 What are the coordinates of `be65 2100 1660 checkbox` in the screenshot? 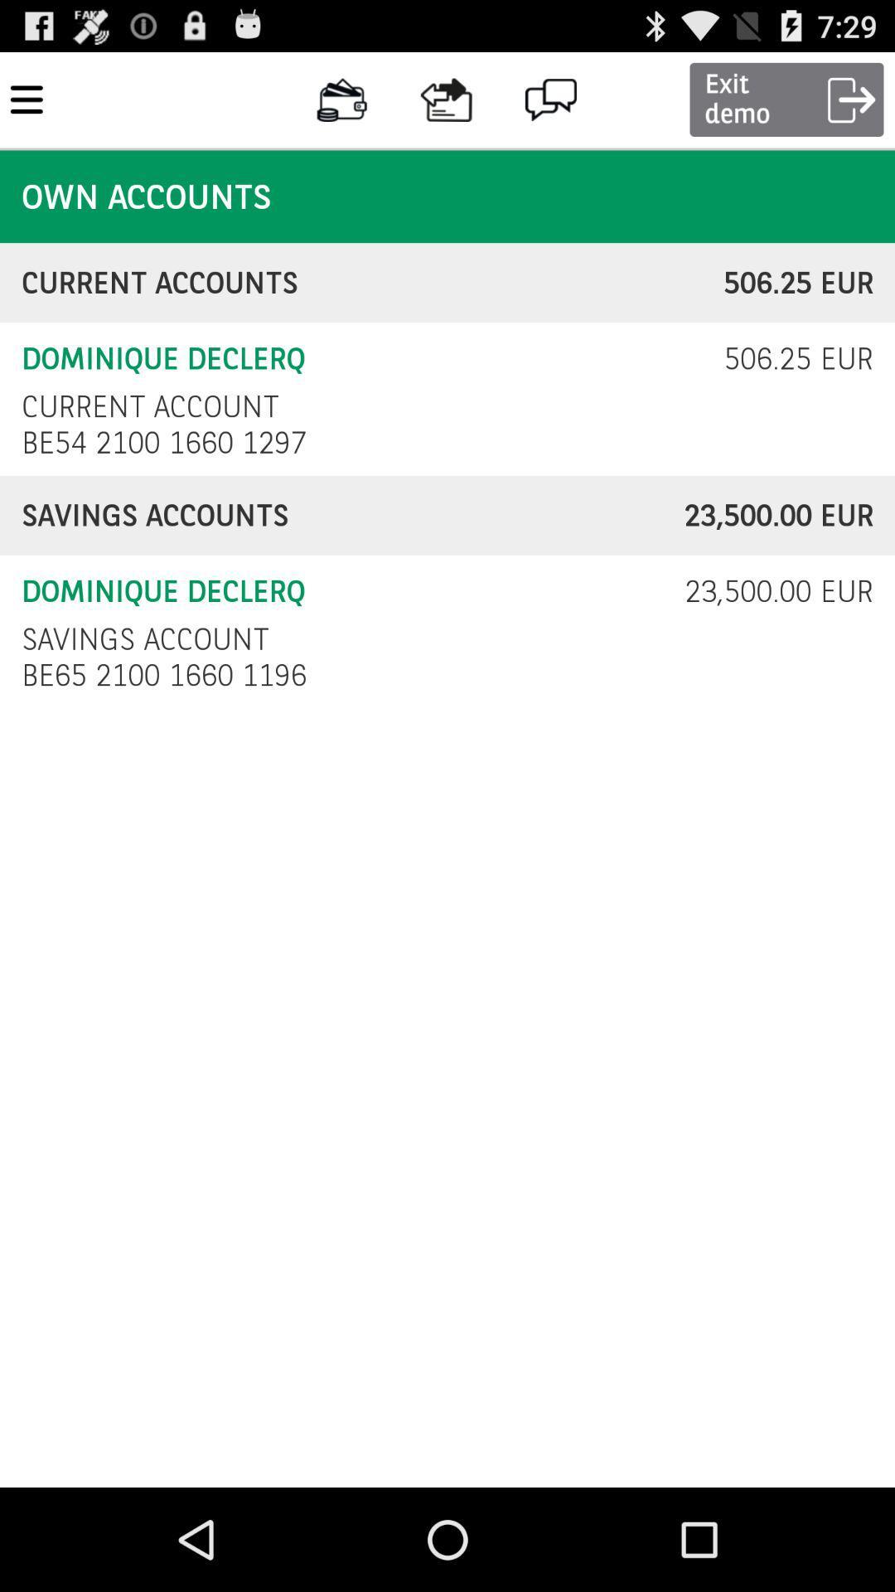 It's located at (168, 675).